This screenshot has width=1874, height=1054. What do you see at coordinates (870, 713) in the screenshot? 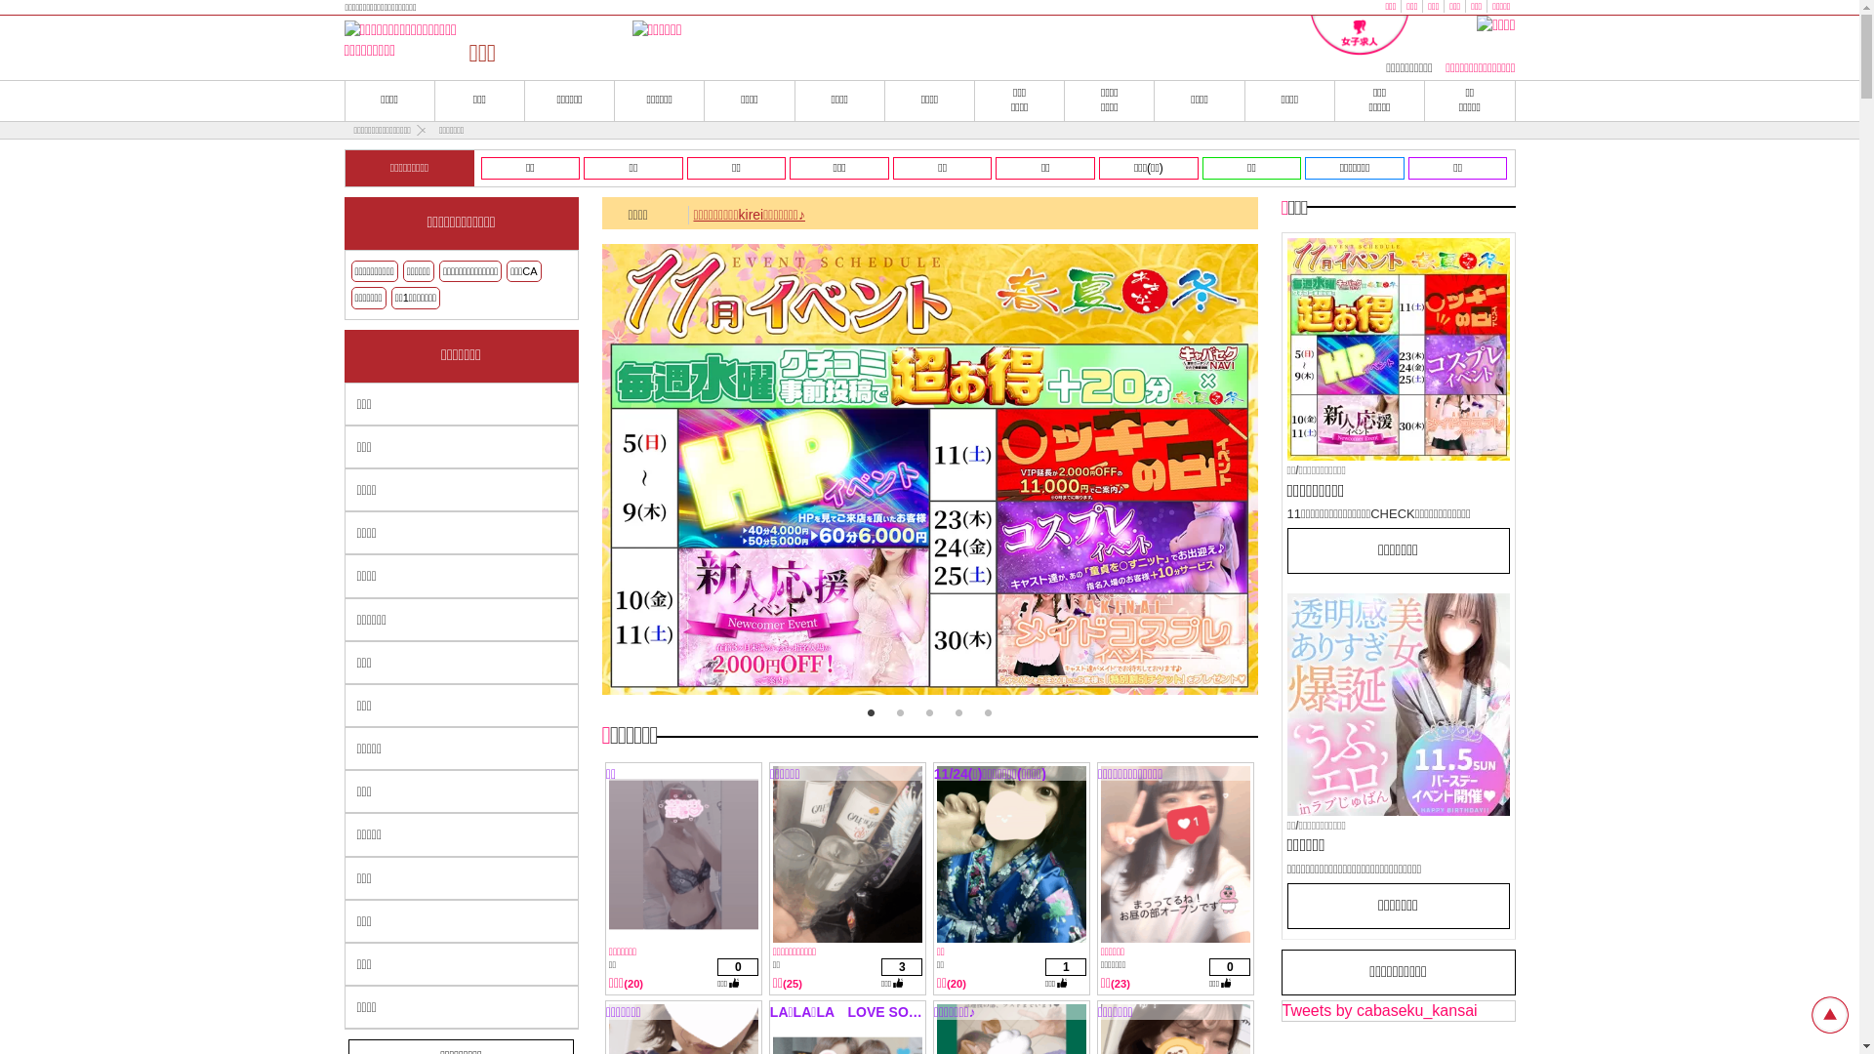
I see `'1'` at bounding box center [870, 713].